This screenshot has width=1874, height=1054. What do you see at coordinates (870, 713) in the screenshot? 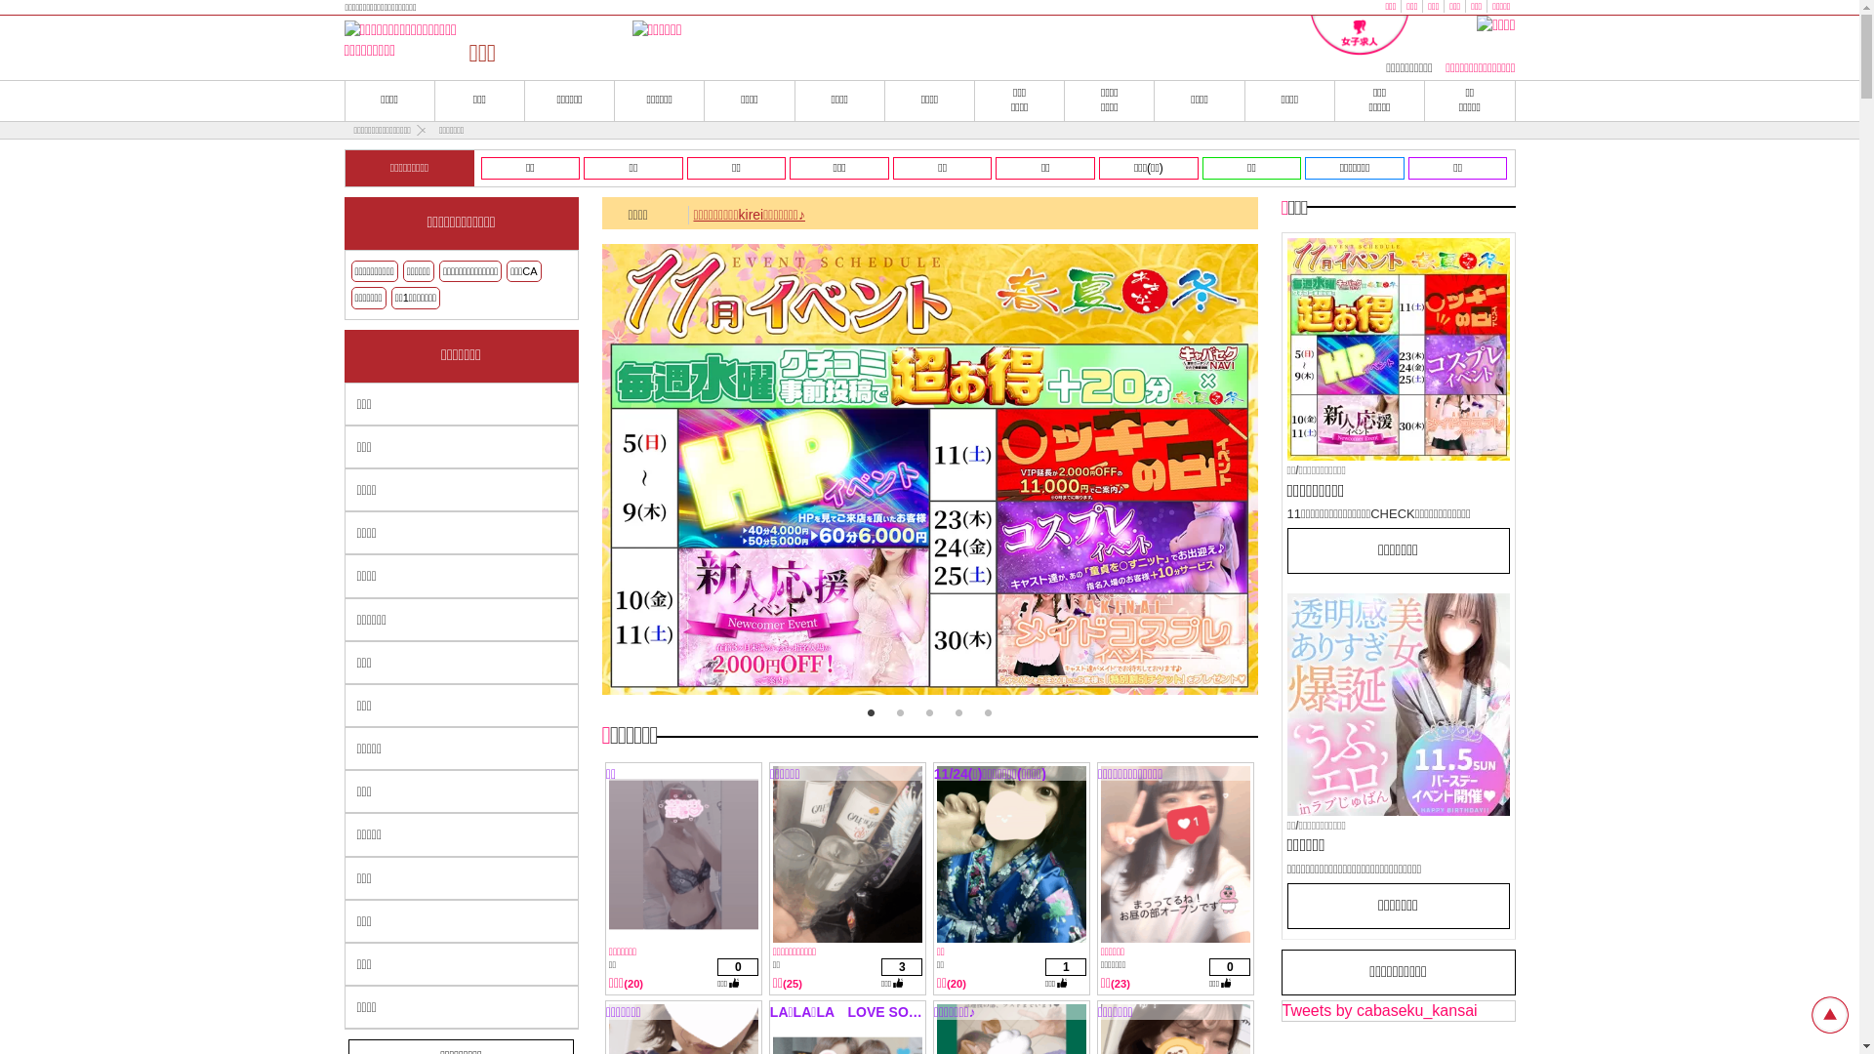
I see `'1'` at bounding box center [870, 713].